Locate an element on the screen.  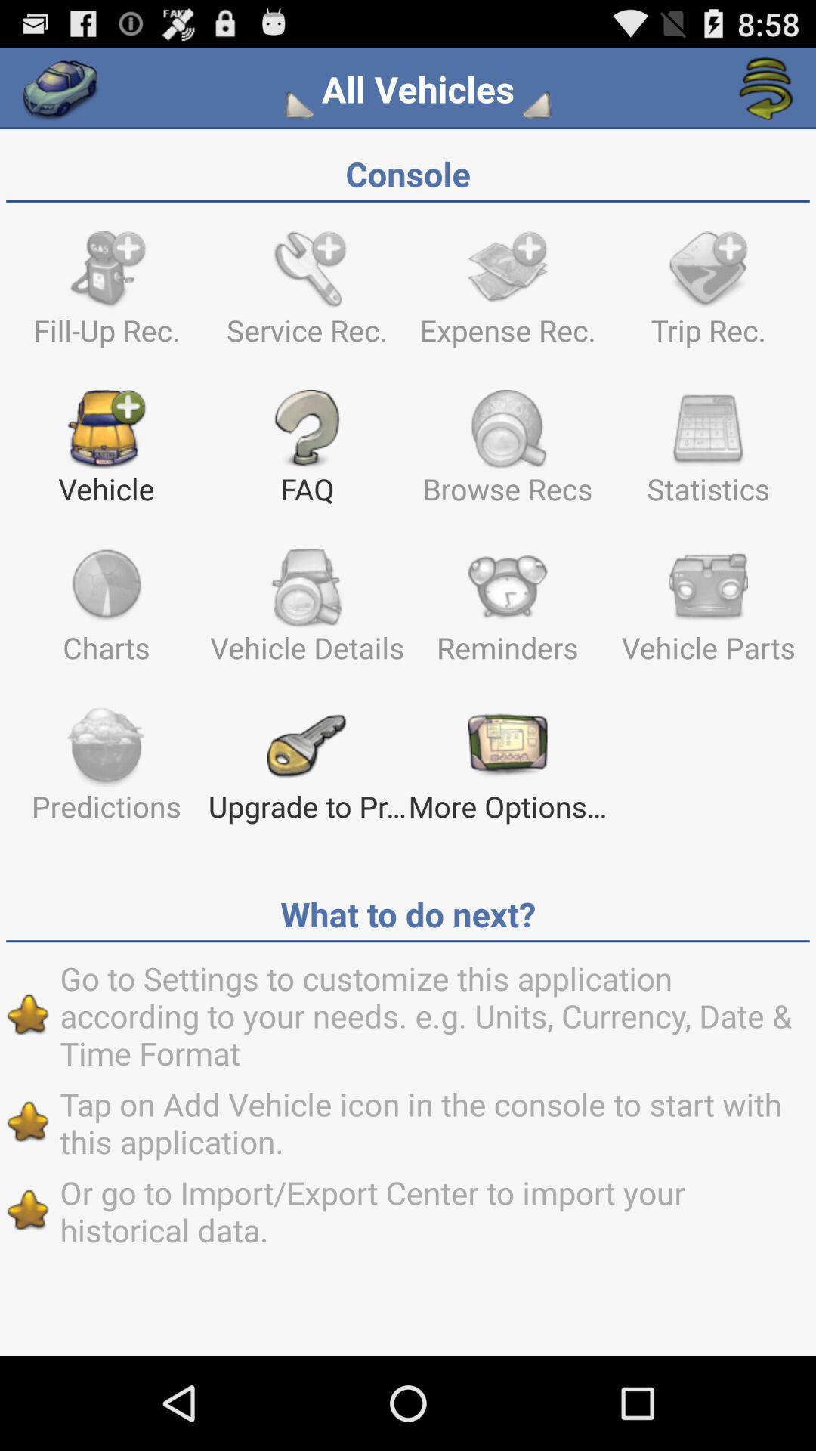
the text which says upgrade to pr is located at coordinates (306, 772).